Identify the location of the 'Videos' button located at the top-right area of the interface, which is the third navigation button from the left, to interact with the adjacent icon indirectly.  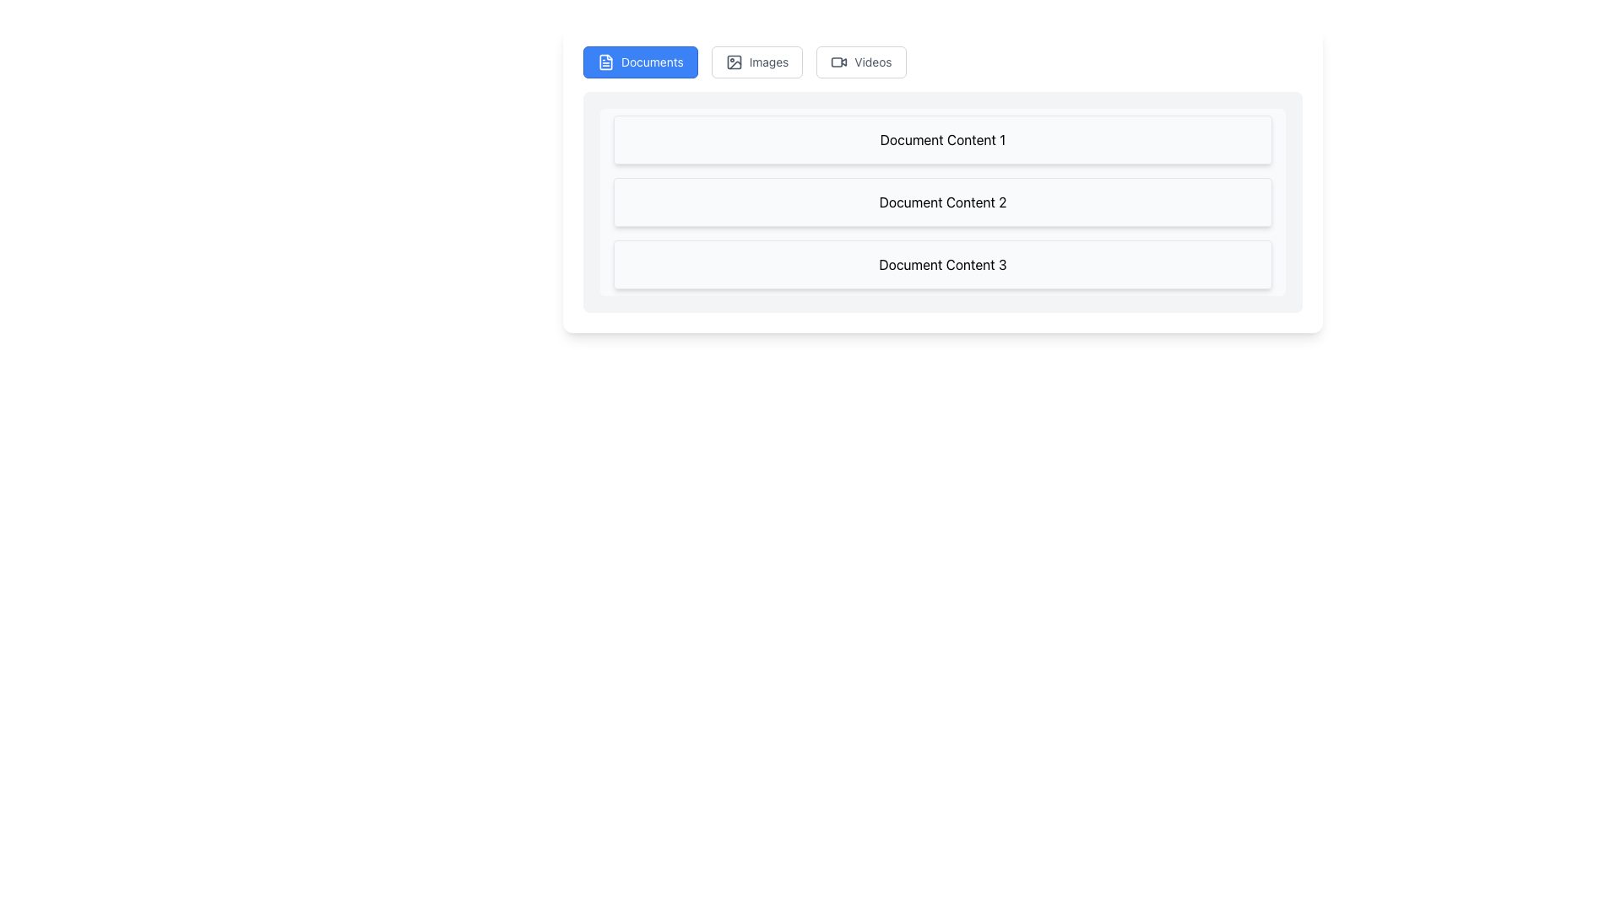
(839, 61).